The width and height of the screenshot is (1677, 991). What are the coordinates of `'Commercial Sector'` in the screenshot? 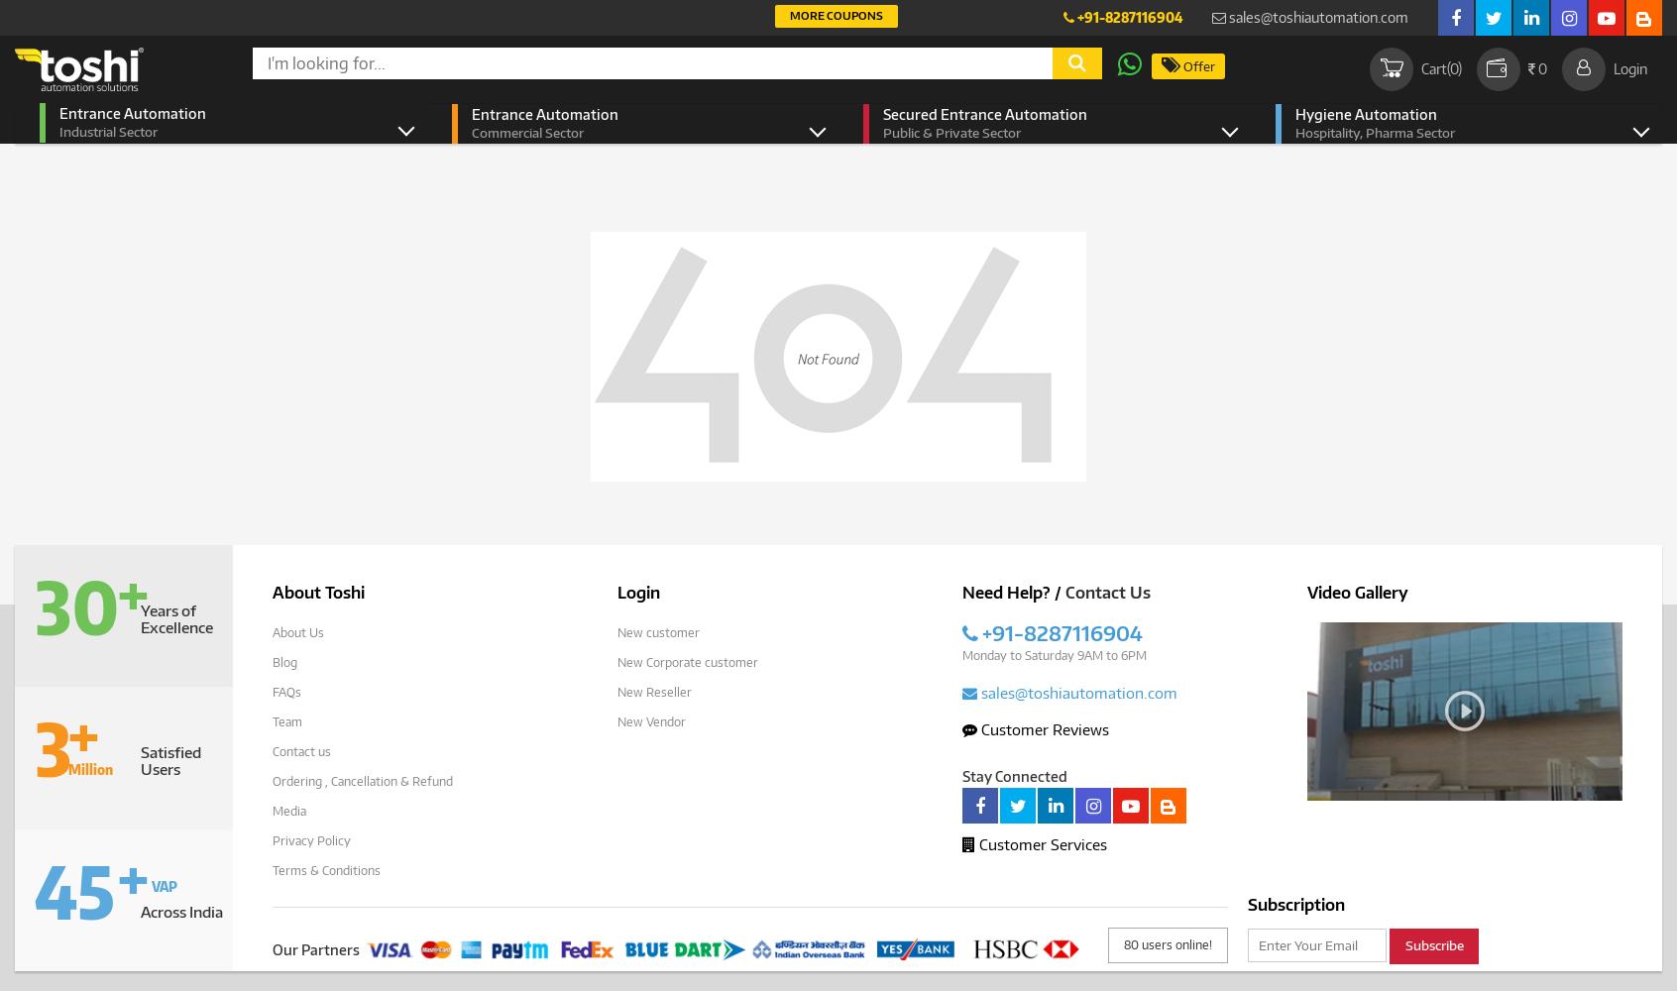 It's located at (526, 133).